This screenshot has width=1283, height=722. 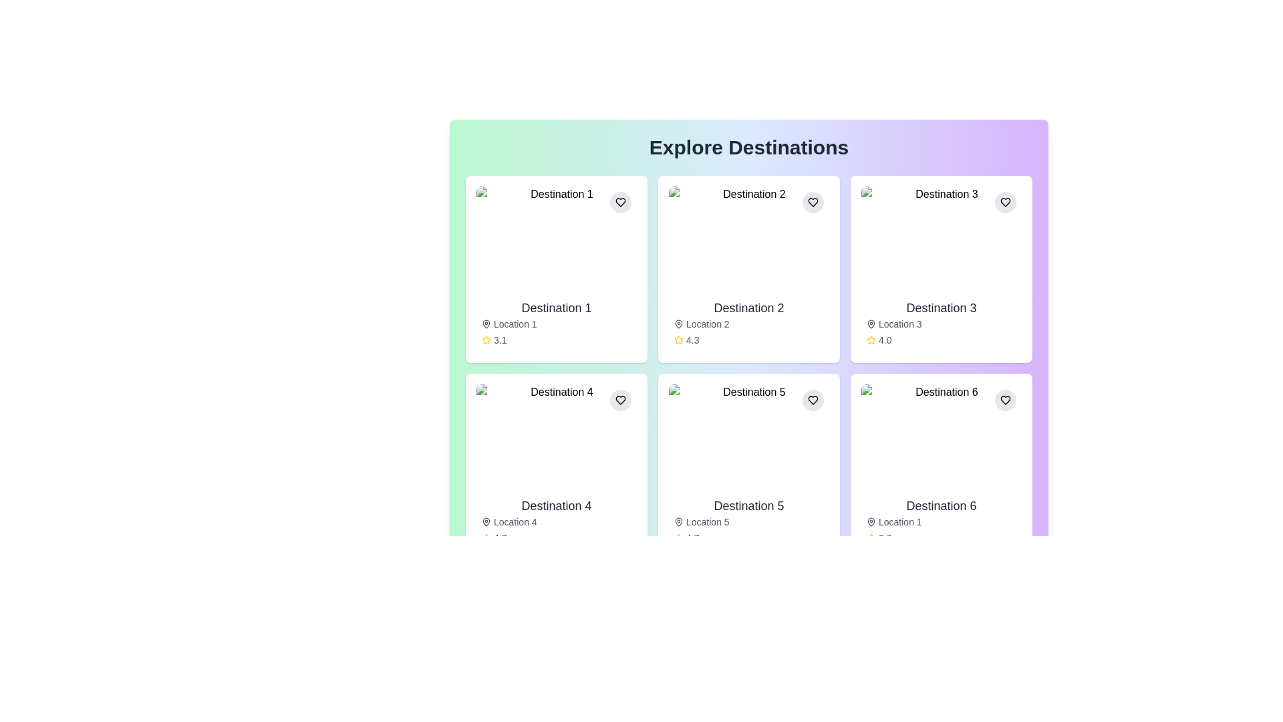 What do you see at coordinates (941, 322) in the screenshot?
I see `the informational display component for 'Destination 3'` at bounding box center [941, 322].